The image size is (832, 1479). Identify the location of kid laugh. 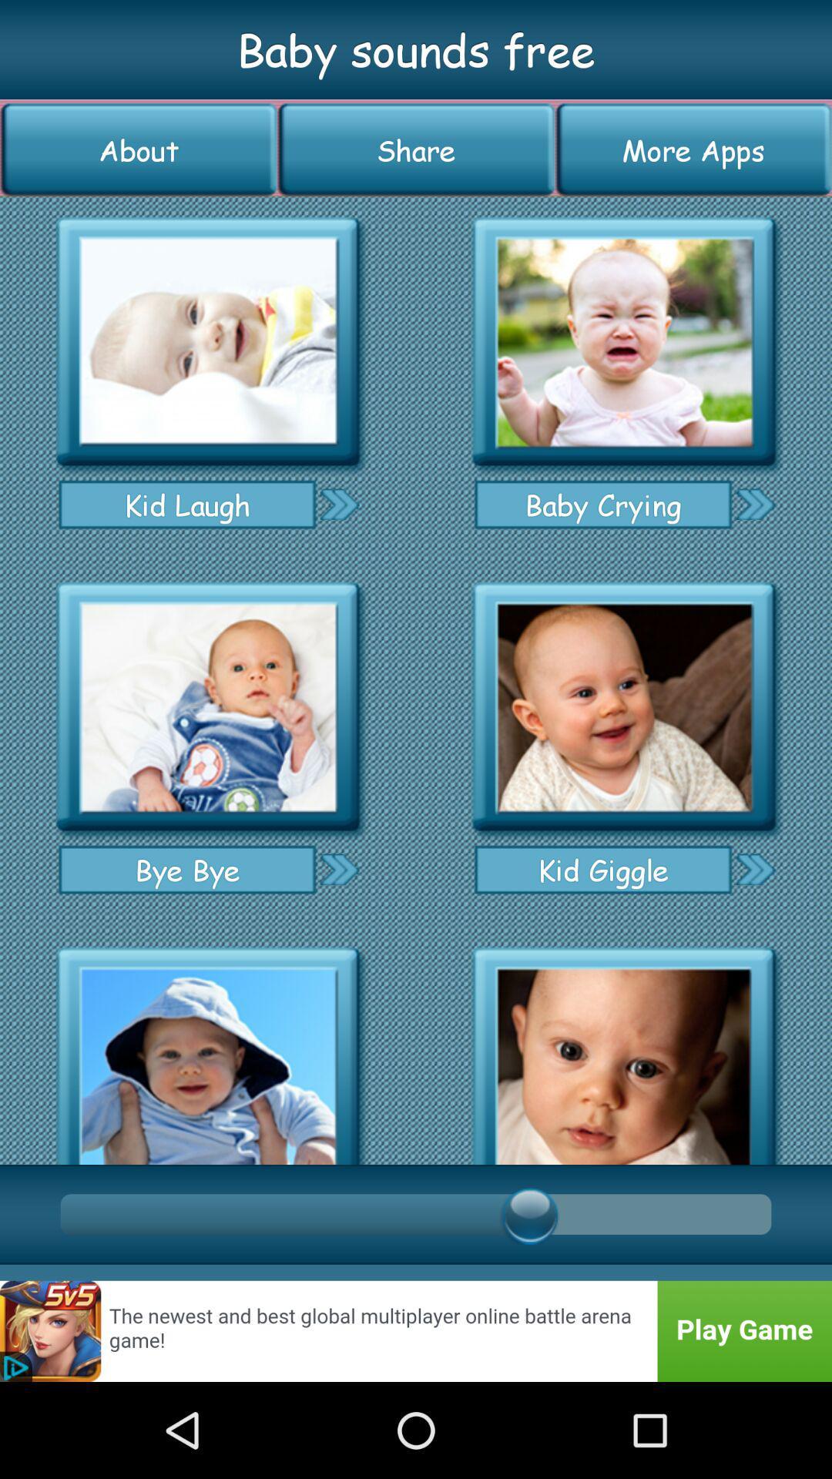
(208, 341).